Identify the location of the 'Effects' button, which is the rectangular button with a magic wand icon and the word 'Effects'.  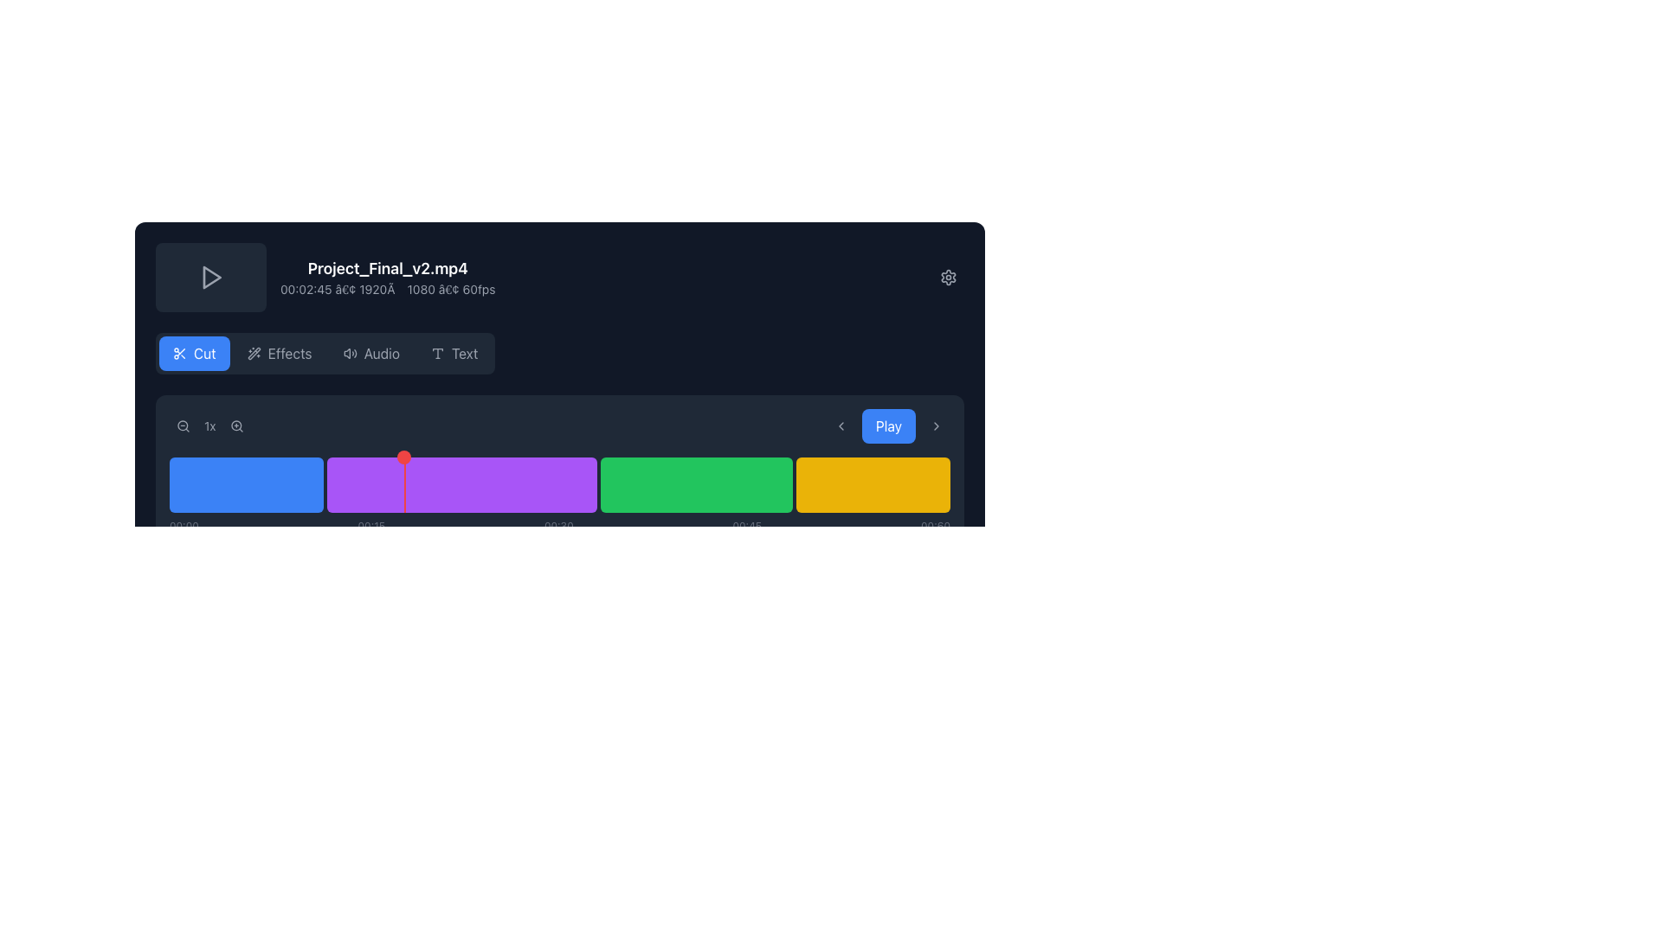
(280, 352).